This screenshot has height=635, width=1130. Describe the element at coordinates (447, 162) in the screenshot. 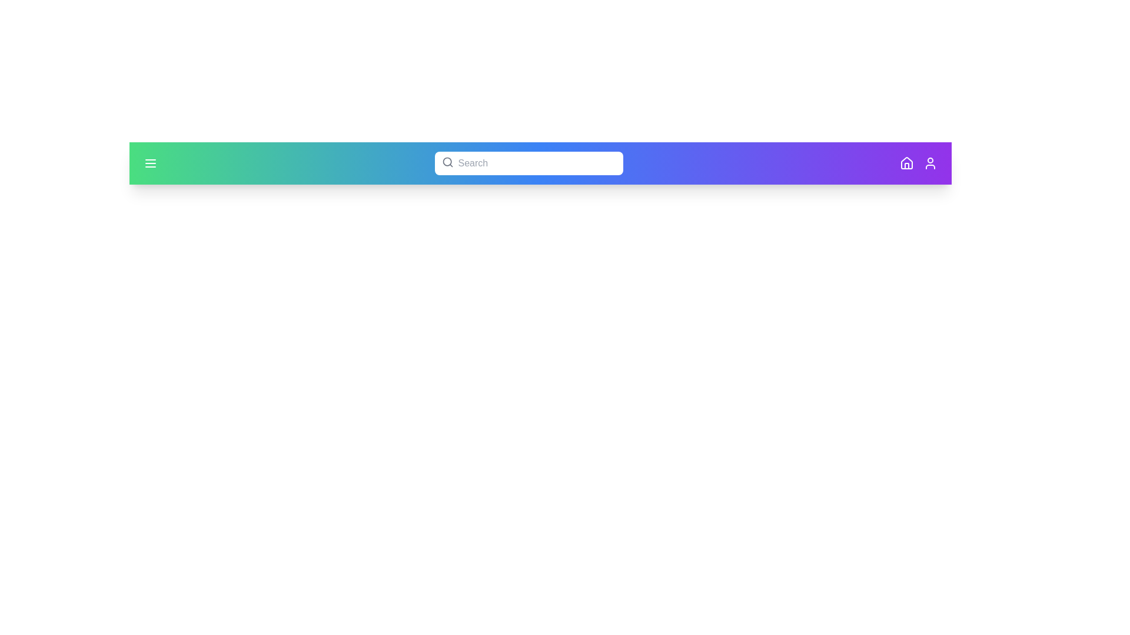

I see `the search icon within the search bar` at that location.